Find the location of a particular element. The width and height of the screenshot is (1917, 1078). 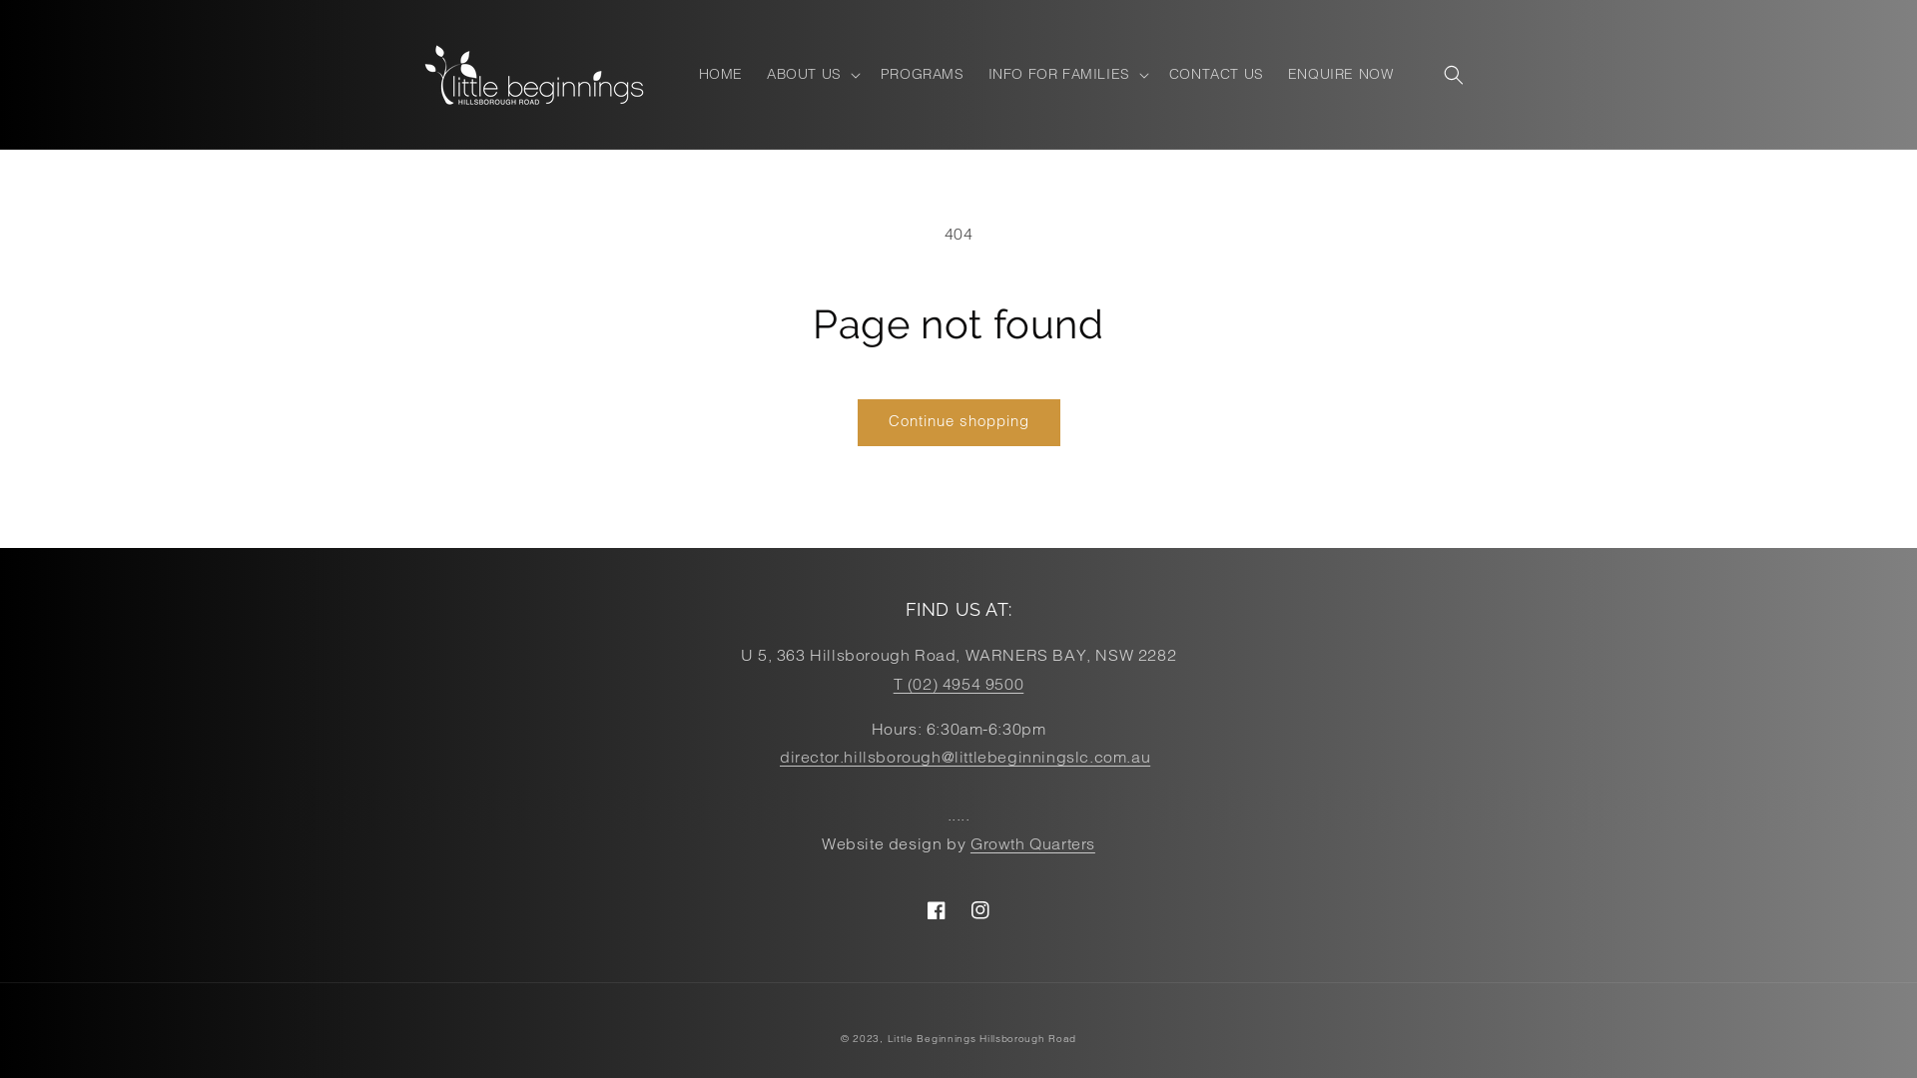

'Continue shopping' is located at coordinates (858, 421).